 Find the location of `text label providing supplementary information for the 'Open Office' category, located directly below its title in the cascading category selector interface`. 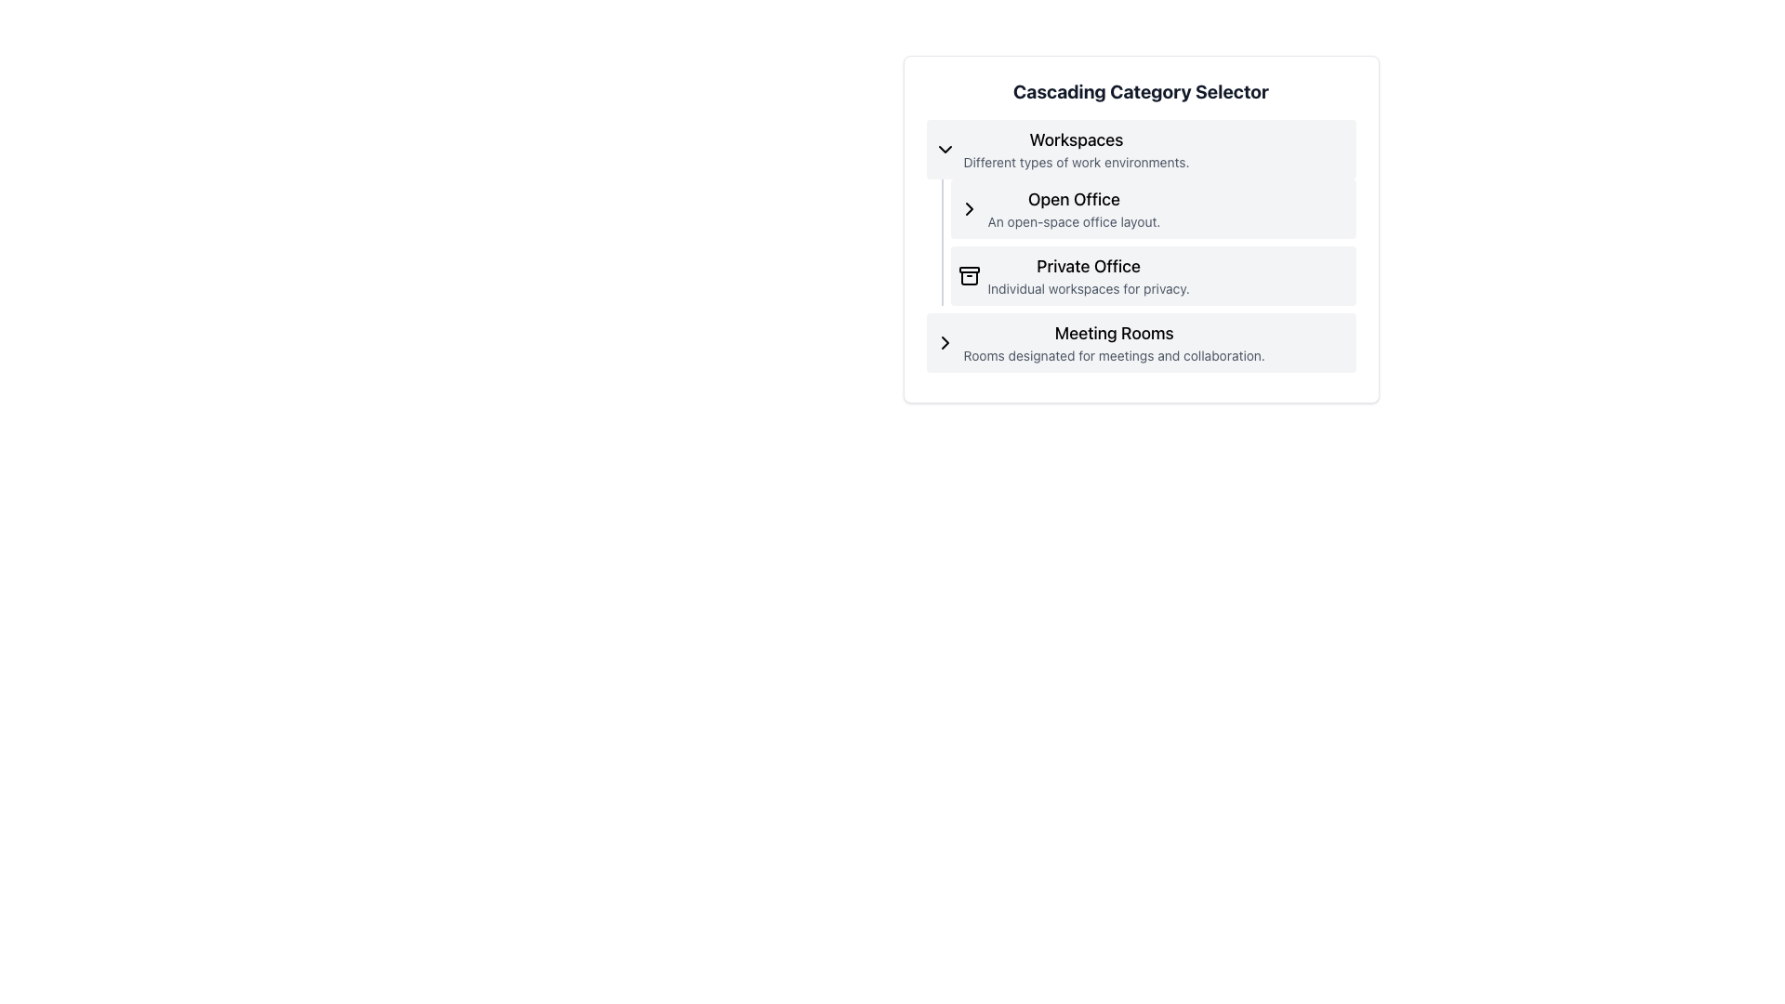

text label providing supplementary information for the 'Open Office' category, located directly below its title in the cascading category selector interface is located at coordinates (1074, 221).